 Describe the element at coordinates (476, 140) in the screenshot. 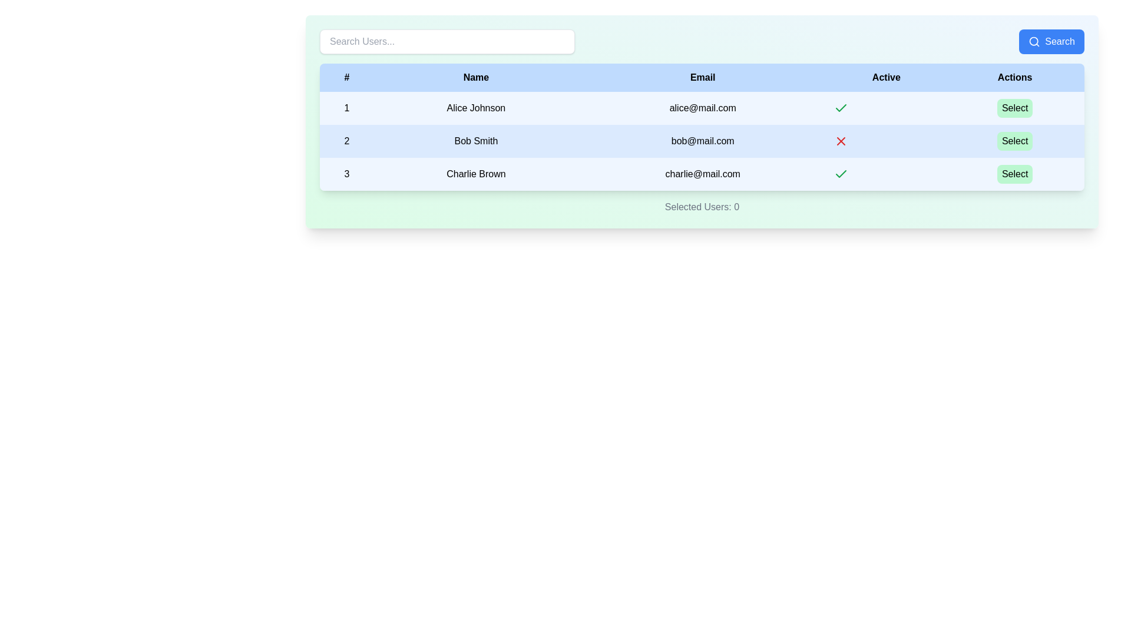

I see `the text displayed in the label 'Bob Smith' located in the second row of the table under the 'Name' column` at that location.